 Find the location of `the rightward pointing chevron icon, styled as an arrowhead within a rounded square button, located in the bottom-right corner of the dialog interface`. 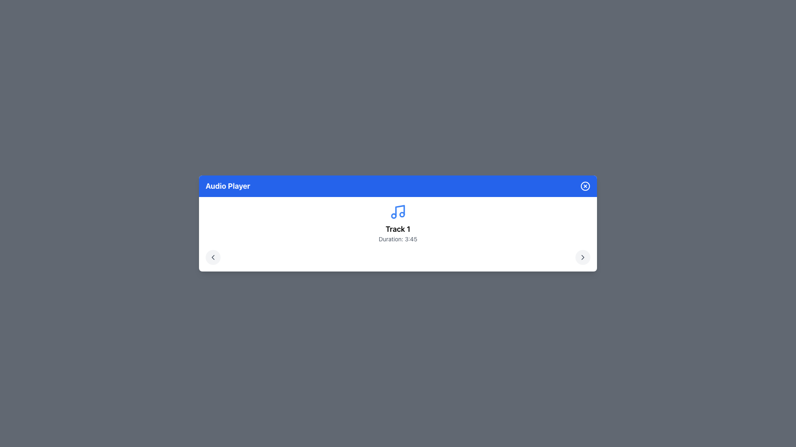

the rightward pointing chevron icon, styled as an arrowhead within a rounded square button, located in the bottom-right corner of the dialog interface is located at coordinates (582, 257).